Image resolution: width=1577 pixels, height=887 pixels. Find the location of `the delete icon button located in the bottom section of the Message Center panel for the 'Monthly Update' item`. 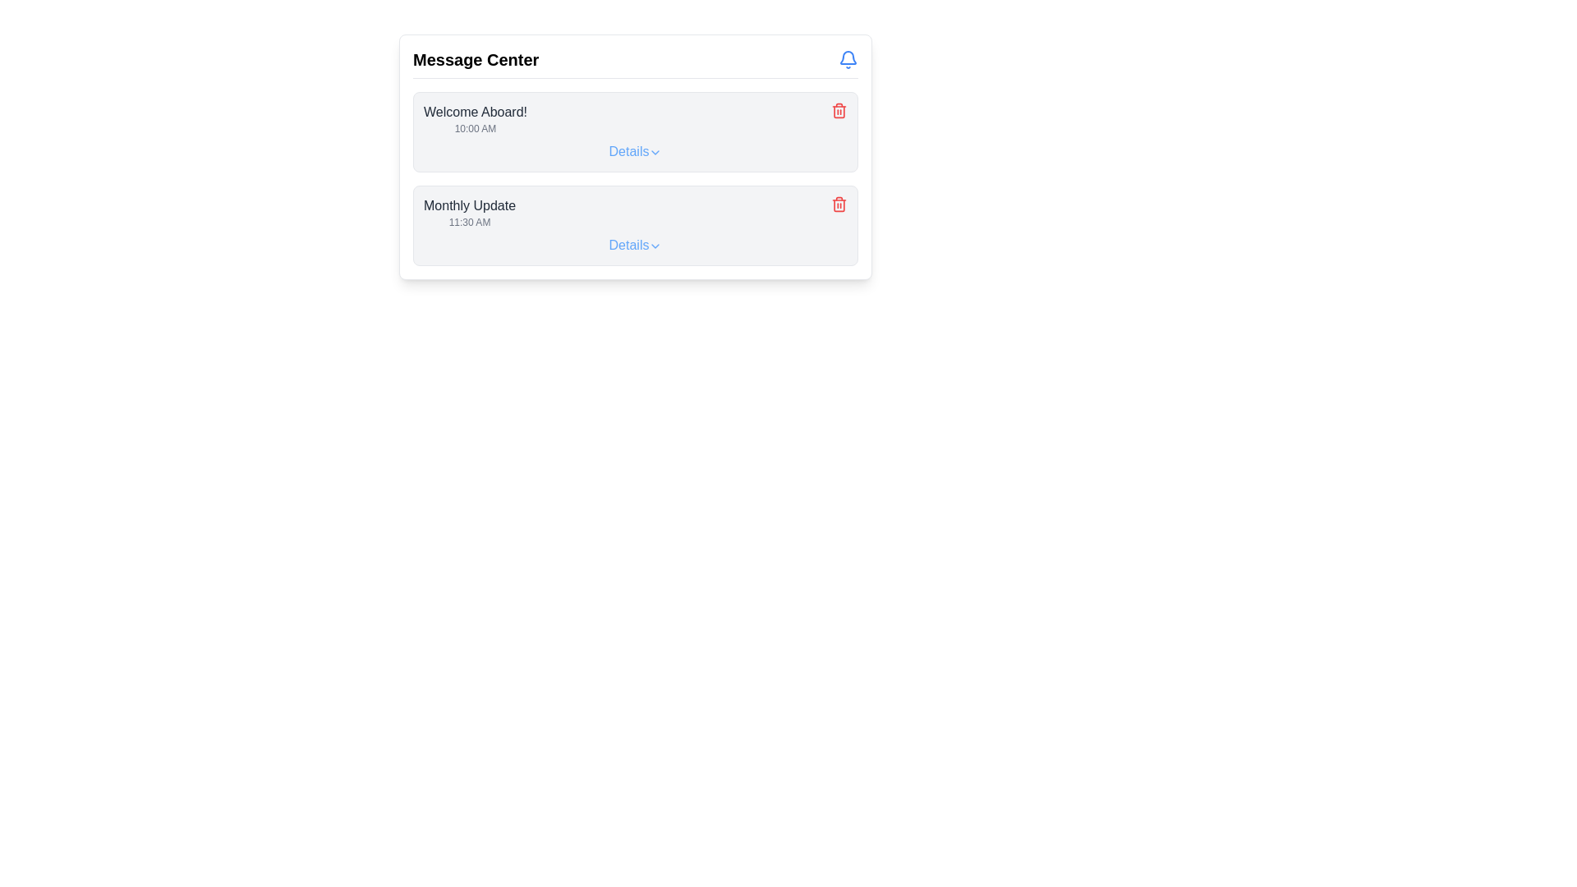

the delete icon button located in the bottom section of the Message Center panel for the 'Monthly Update' item is located at coordinates (839, 205).